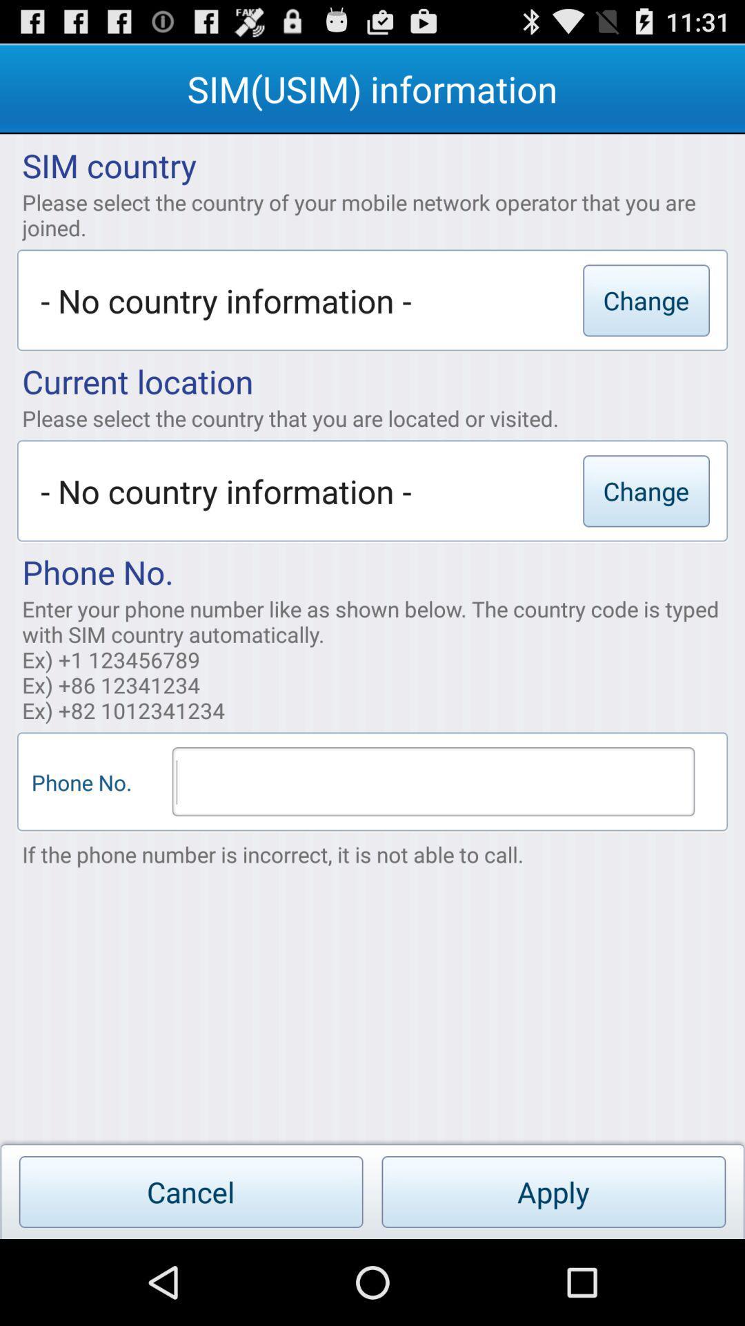  What do you see at coordinates (191, 1191) in the screenshot?
I see `the cancel button` at bounding box center [191, 1191].